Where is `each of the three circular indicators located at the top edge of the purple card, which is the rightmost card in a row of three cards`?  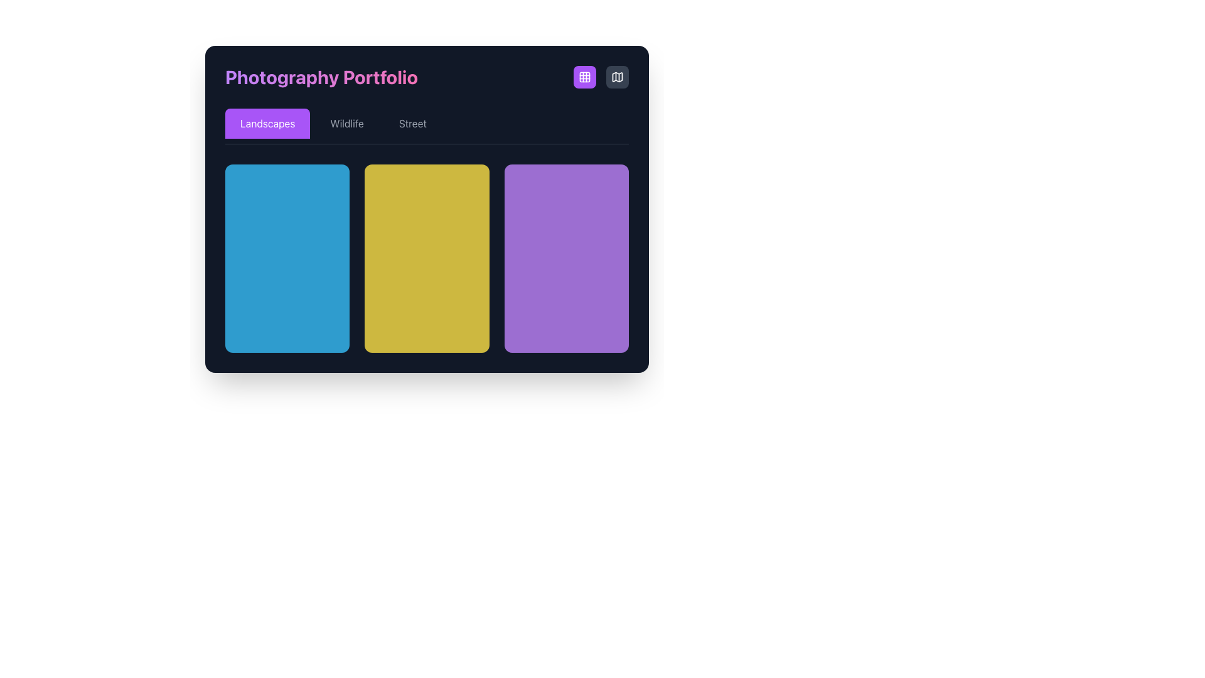 each of the three circular indicators located at the top edge of the purple card, which is the rightmost card in a row of three cards is located at coordinates (598, 179).